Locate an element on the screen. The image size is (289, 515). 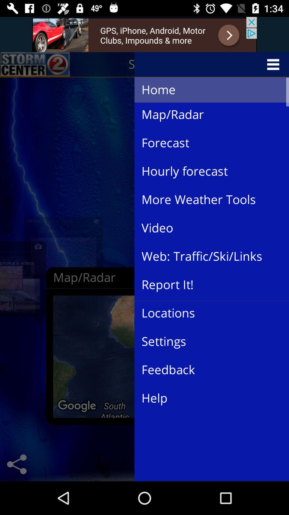
the share icon is located at coordinates (16, 464).